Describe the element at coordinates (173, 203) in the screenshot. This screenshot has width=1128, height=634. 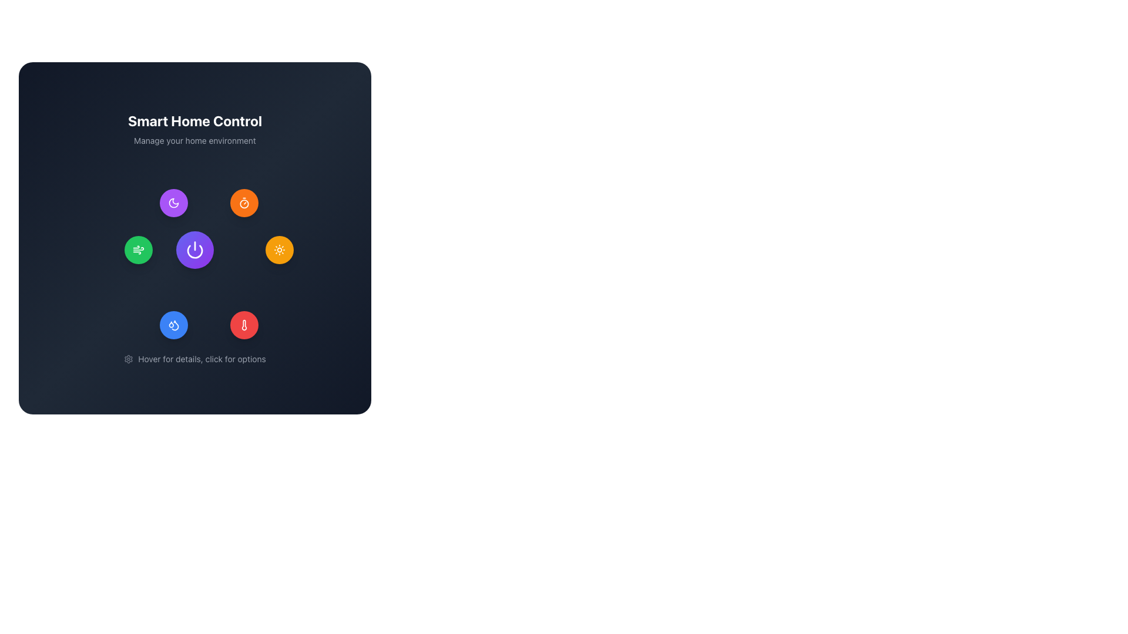
I see `the circular night mode button with a purple background and a white moon-shaped icon` at that location.